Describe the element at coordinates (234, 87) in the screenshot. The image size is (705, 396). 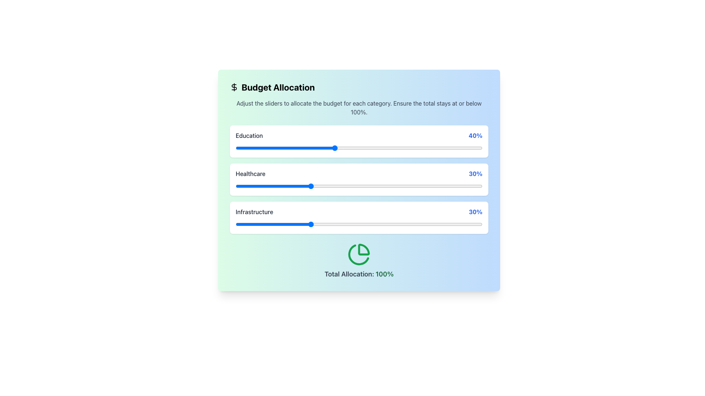
I see `the dollar sign icon styled in line art, located to the left of the 'Budget Allocation' heading text` at that location.